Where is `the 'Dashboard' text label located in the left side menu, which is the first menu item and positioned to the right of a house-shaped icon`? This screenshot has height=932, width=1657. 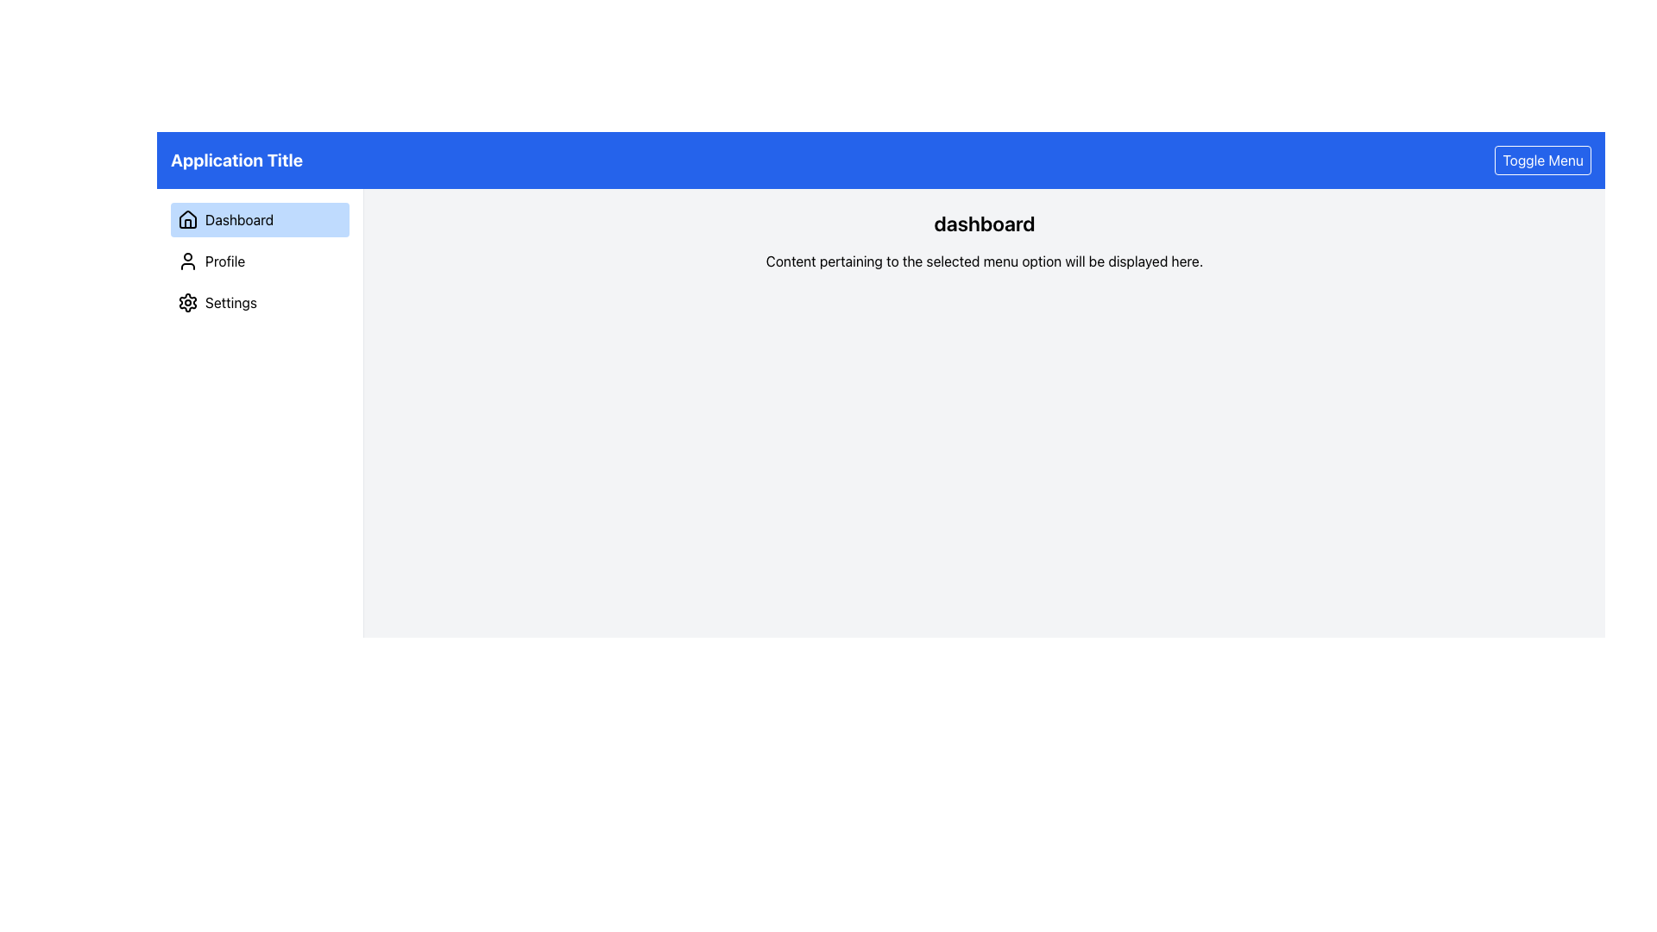 the 'Dashboard' text label located in the left side menu, which is the first menu item and positioned to the right of a house-shaped icon is located at coordinates (238, 218).